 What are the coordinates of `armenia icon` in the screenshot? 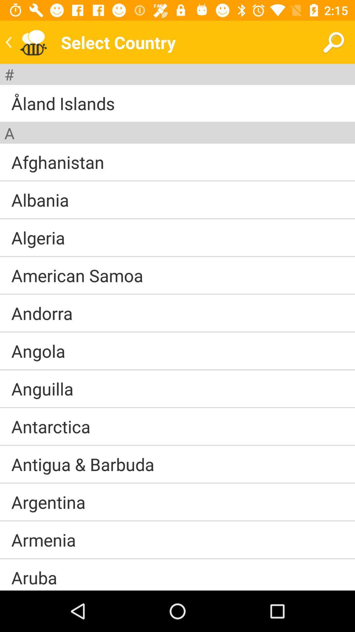 It's located at (43, 540).